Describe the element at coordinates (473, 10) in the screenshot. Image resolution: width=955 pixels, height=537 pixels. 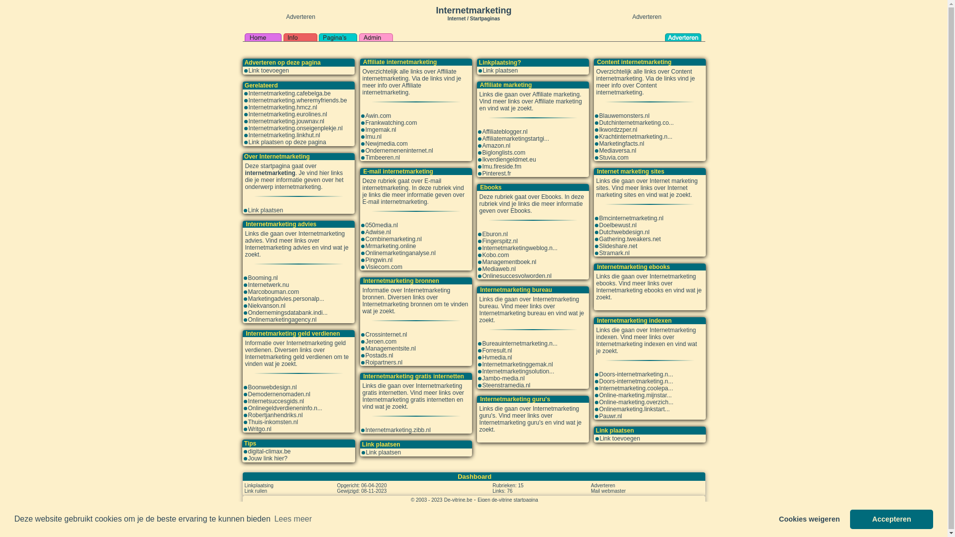
I see `'Internetmarketing'` at that location.